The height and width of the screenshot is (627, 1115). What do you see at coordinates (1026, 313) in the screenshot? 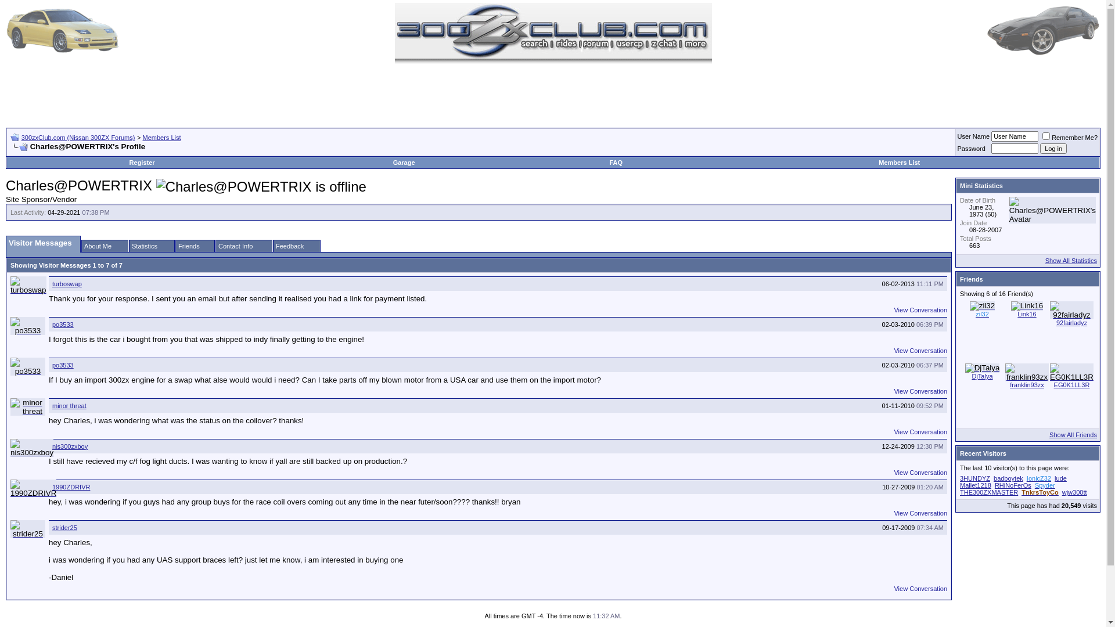
I see `'Link16'` at bounding box center [1026, 313].